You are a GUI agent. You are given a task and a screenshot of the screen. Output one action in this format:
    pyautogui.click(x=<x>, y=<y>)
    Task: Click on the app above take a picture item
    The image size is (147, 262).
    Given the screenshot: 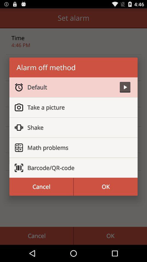 What is the action you would take?
    pyautogui.click(x=125, y=87)
    